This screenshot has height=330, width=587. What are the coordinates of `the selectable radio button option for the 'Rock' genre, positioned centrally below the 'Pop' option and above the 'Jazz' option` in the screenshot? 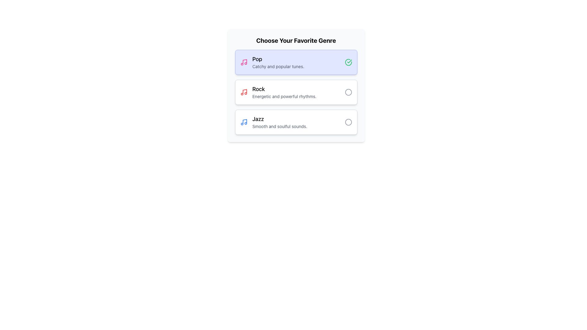 It's located at (296, 86).